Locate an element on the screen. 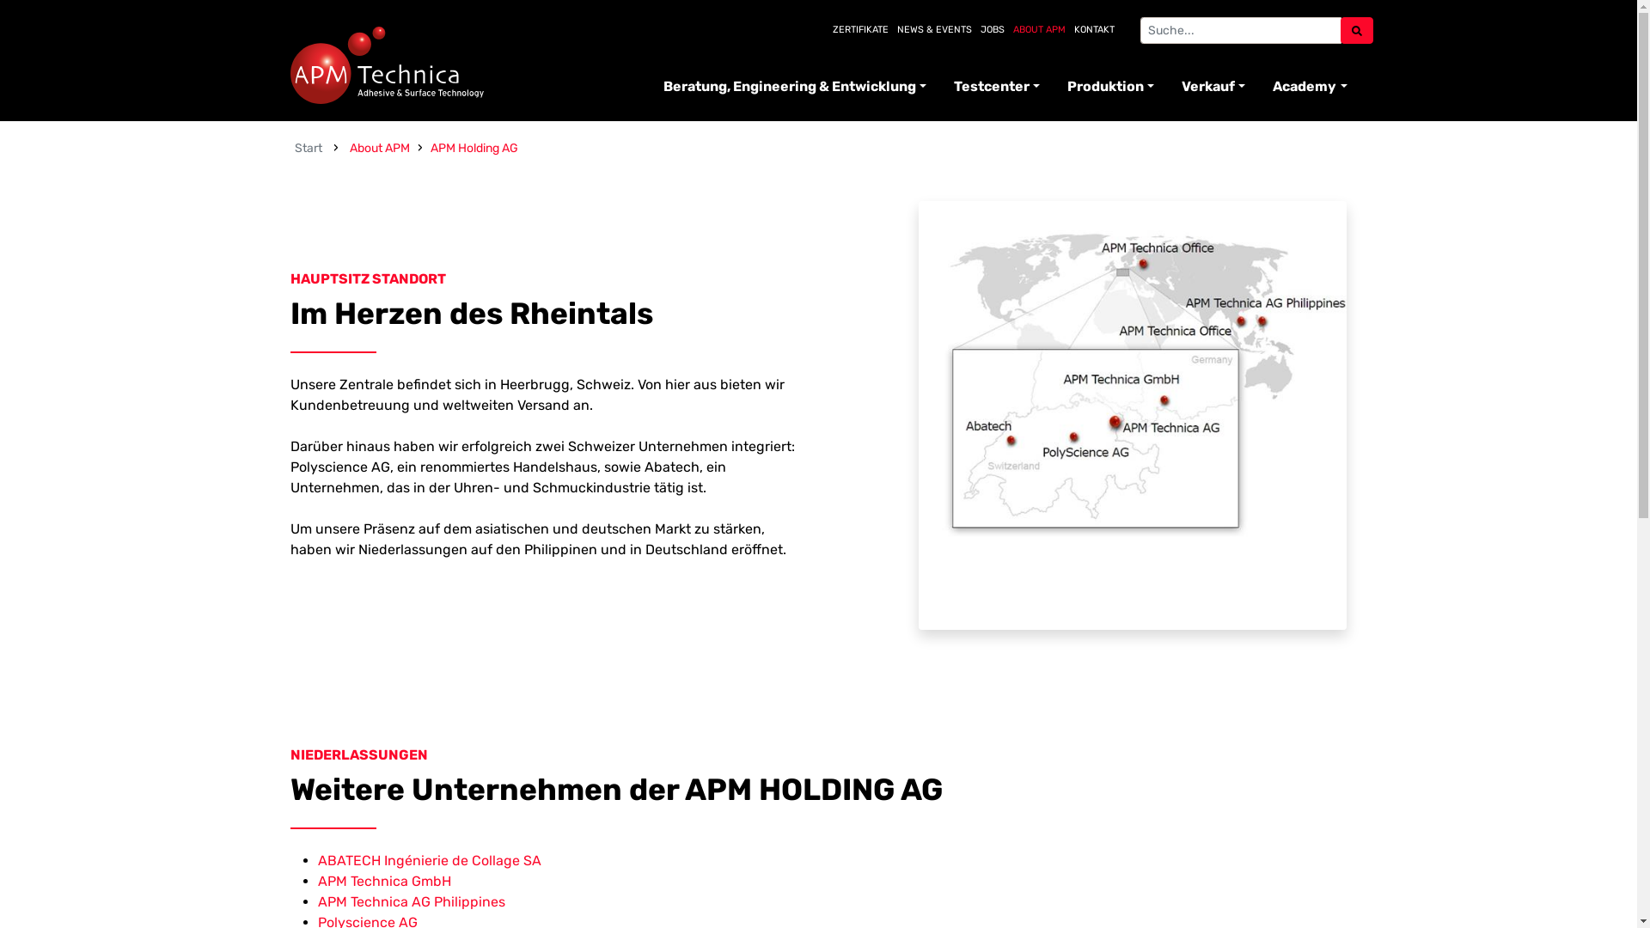  'NEWS & EVENTS' is located at coordinates (933, 29).